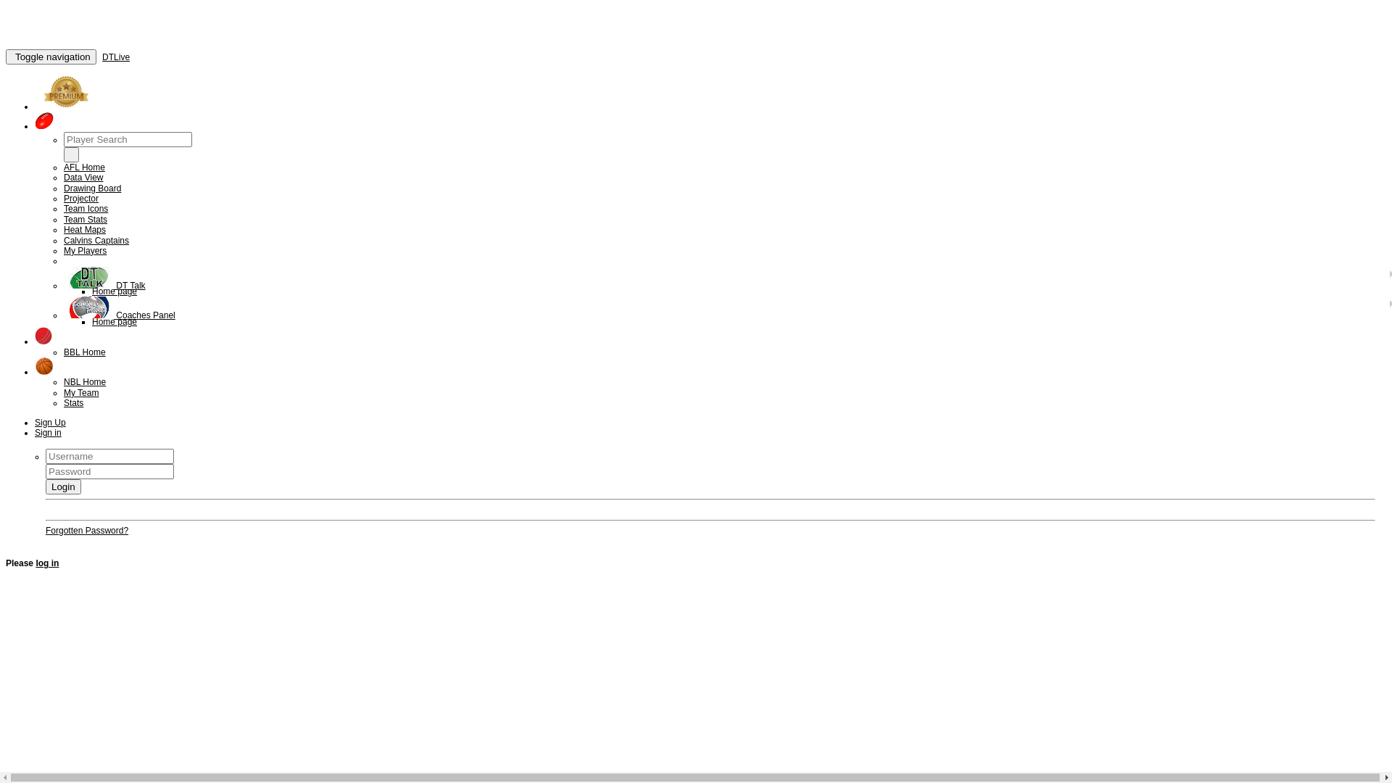 The width and height of the screenshot is (1392, 783). Describe the element at coordinates (80, 393) in the screenshot. I see `'My Team'` at that location.